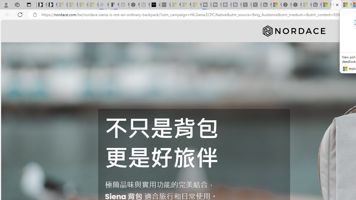 The width and height of the screenshot is (356, 200). Describe the element at coordinates (165, 5) in the screenshot. I see `'What'` at that location.